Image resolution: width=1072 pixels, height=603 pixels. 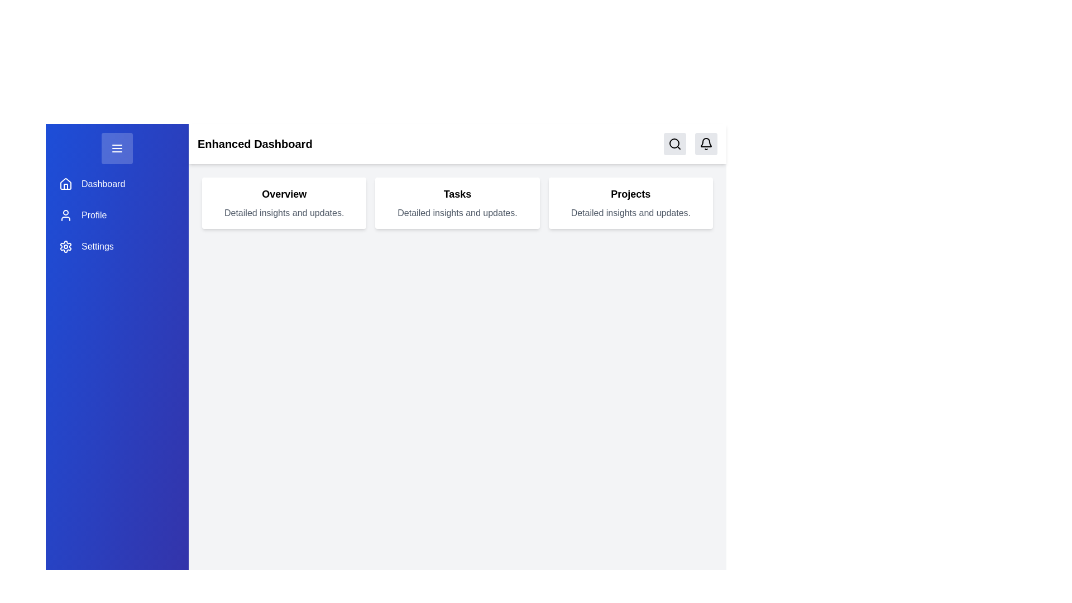 What do you see at coordinates (65, 246) in the screenshot?
I see `the 'Settings' Icon located in the sidebar menu, which is positioned under the 'Profile' section and above the text 'Settings'` at bounding box center [65, 246].